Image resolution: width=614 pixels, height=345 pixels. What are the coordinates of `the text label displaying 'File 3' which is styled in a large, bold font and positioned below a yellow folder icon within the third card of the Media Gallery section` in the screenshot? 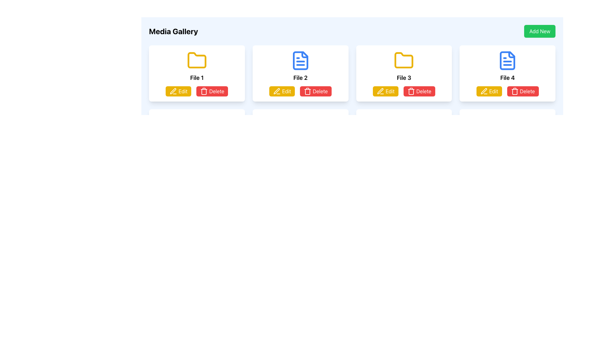 It's located at (404, 77).